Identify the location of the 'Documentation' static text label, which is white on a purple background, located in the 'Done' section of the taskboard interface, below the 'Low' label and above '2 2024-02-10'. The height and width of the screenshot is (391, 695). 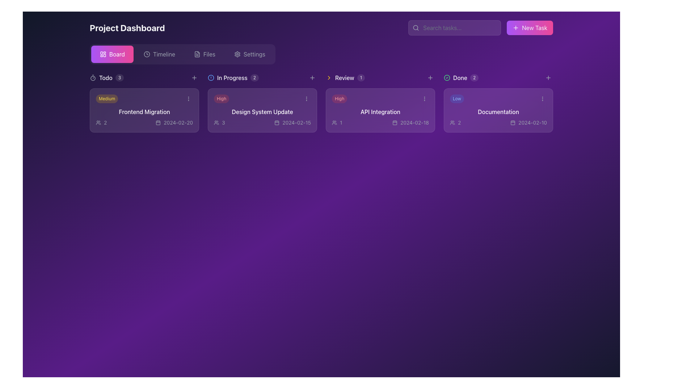
(498, 112).